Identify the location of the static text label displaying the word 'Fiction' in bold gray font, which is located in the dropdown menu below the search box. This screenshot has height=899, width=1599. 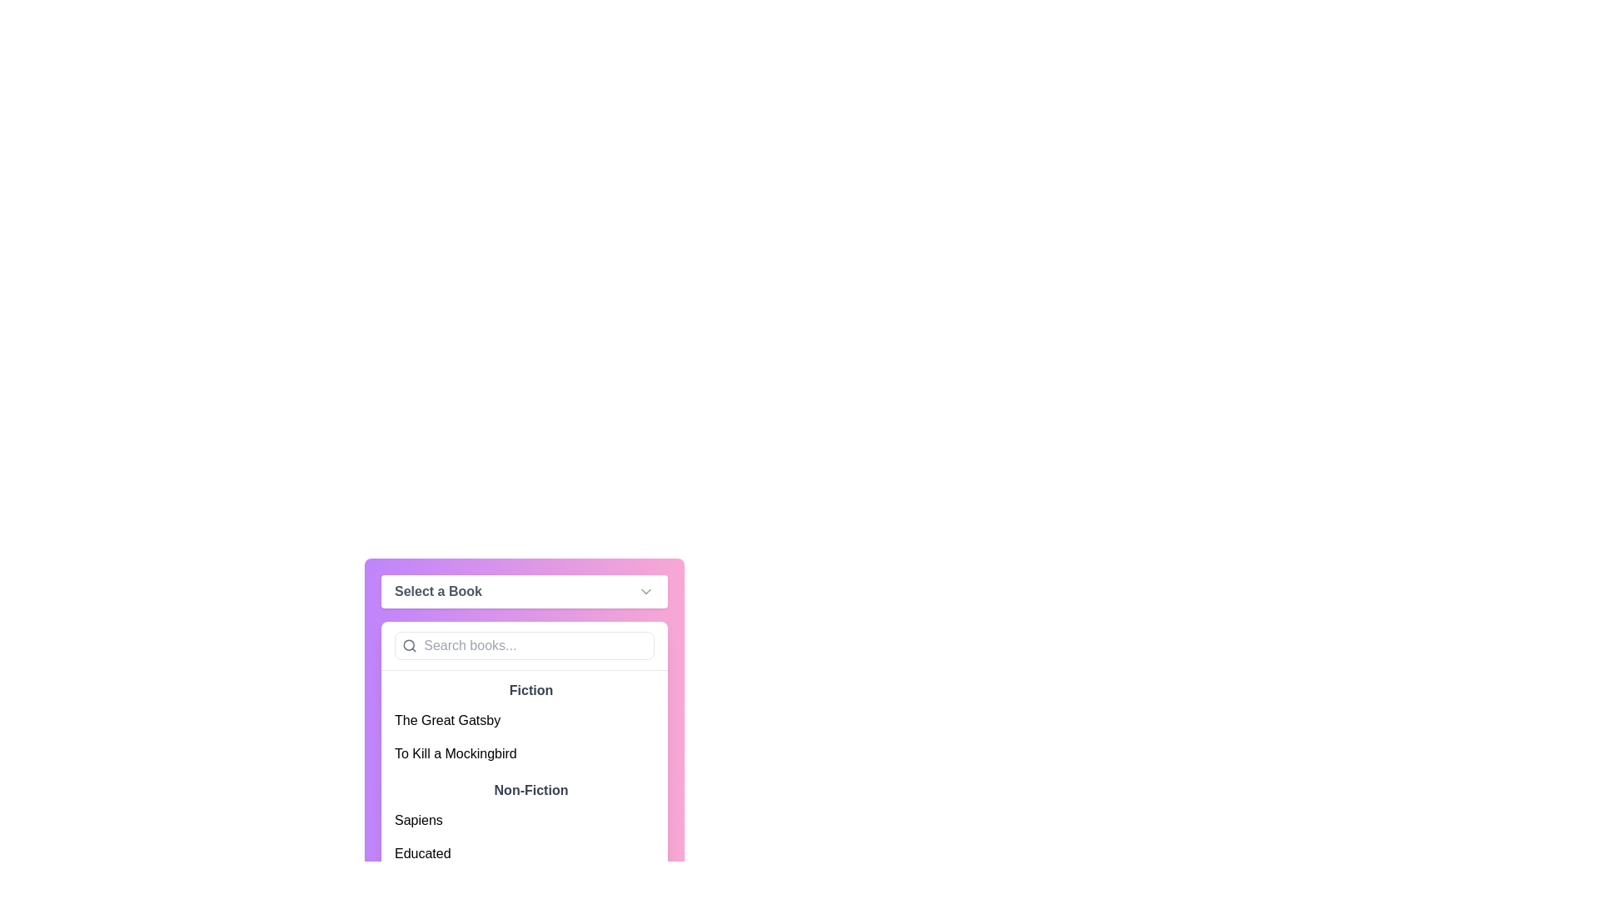
(523, 690).